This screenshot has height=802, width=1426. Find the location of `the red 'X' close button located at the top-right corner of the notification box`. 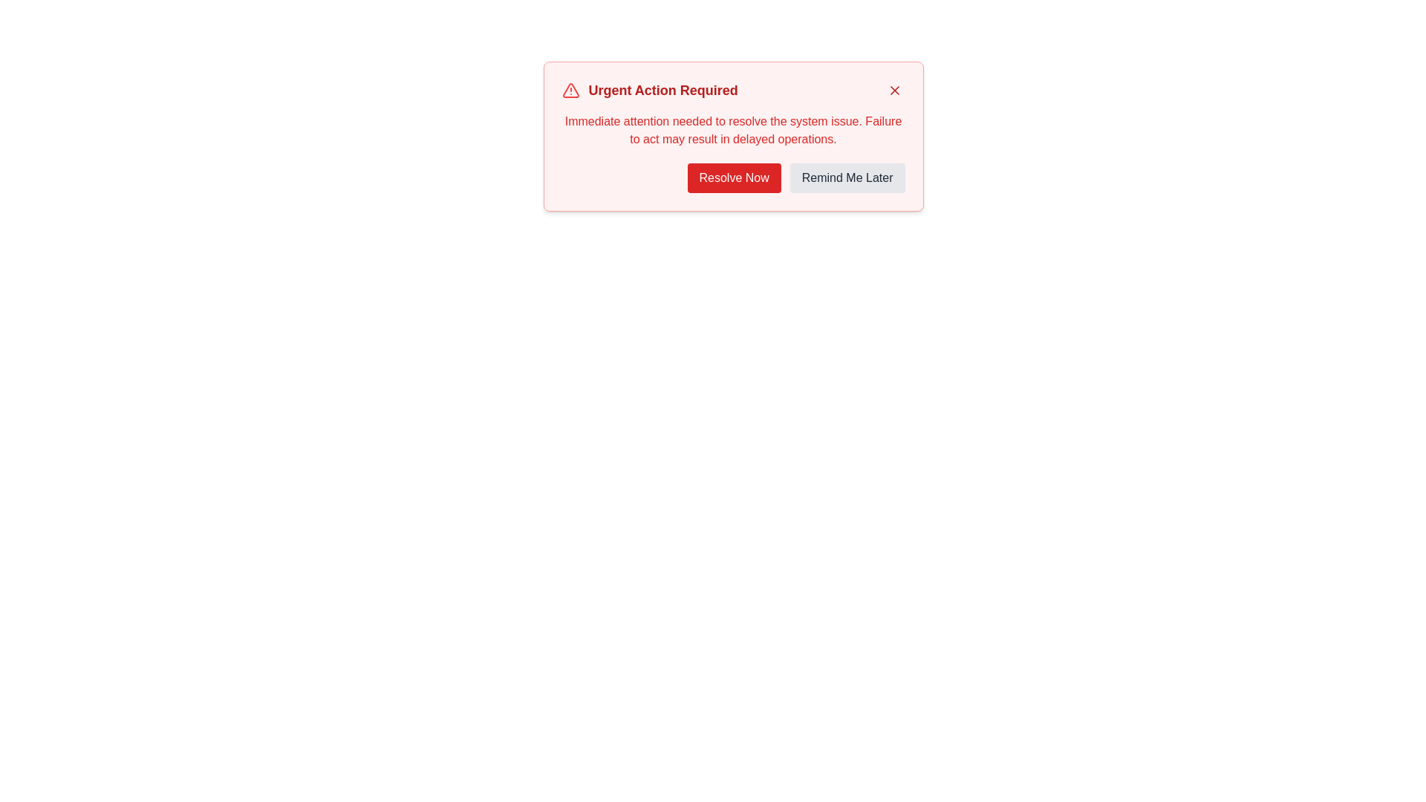

the red 'X' close button located at the top-right corner of the notification box is located at coordinates (893, 91).